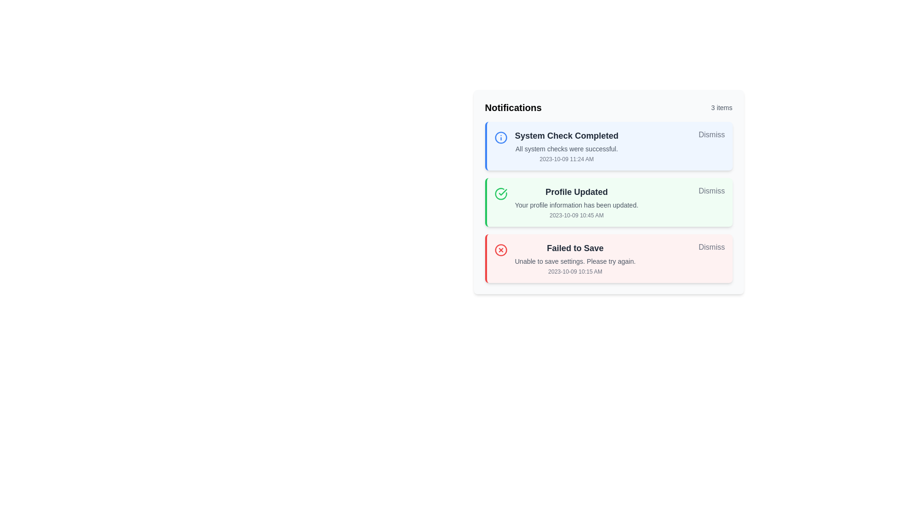 The width and height of the screenshot is (900, 506). I want to click on timestamp information from the text element located at the bottom of the first notification card under the header 'System Check Completed', so click(566, 158).